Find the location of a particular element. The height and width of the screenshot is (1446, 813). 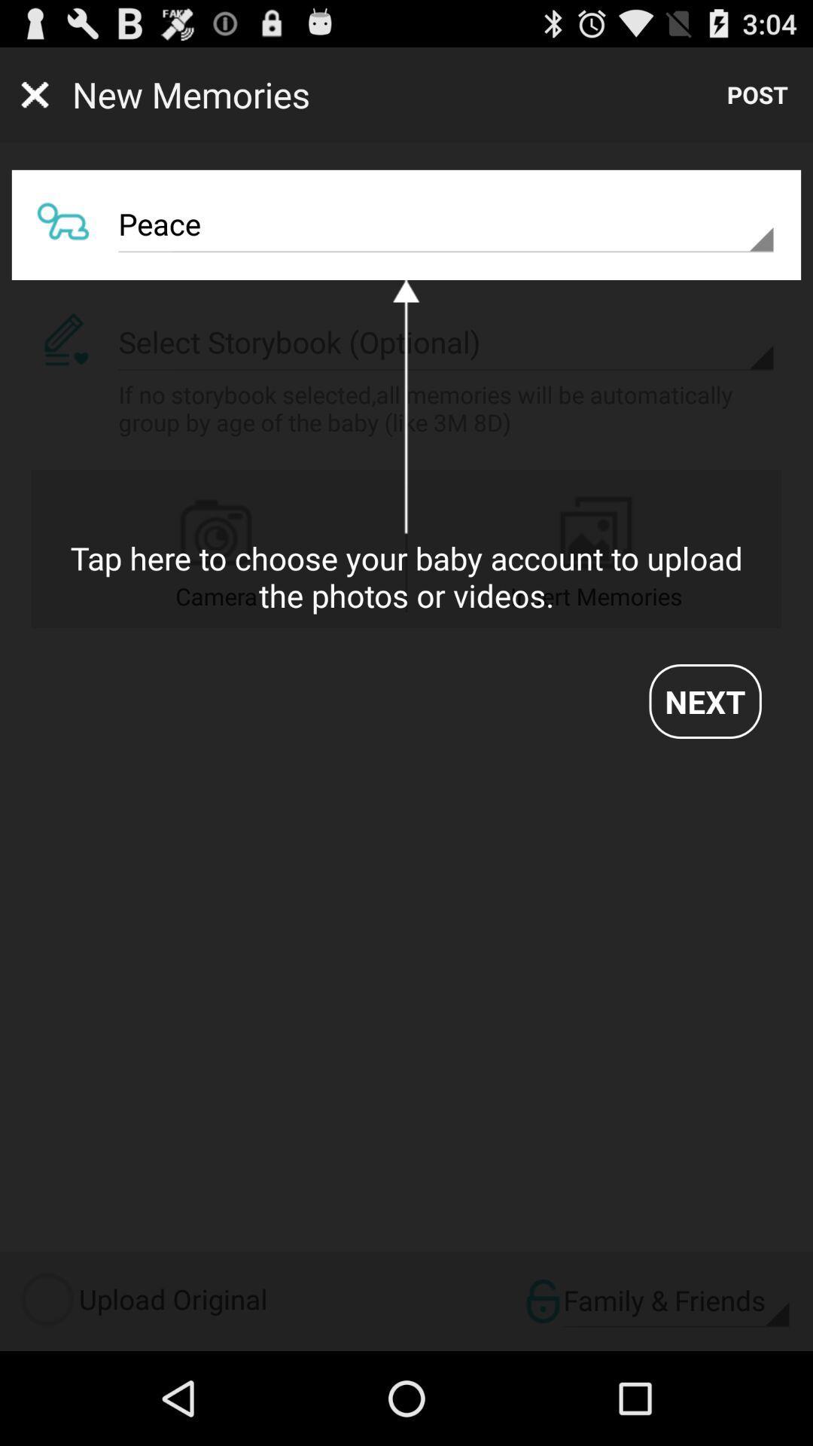

next item is located at coordinates (705, 700).